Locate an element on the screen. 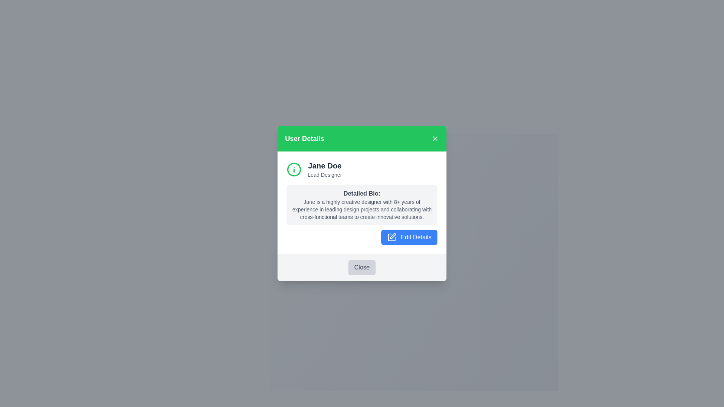 This screenshot has width=724, height=407. the text label displaying 'Jane Doe', which serves as a heading for the user details, located near the top of the modal dialog, to the right of an icon and above 'Lead Designer' is located at coordinates (325, 165).